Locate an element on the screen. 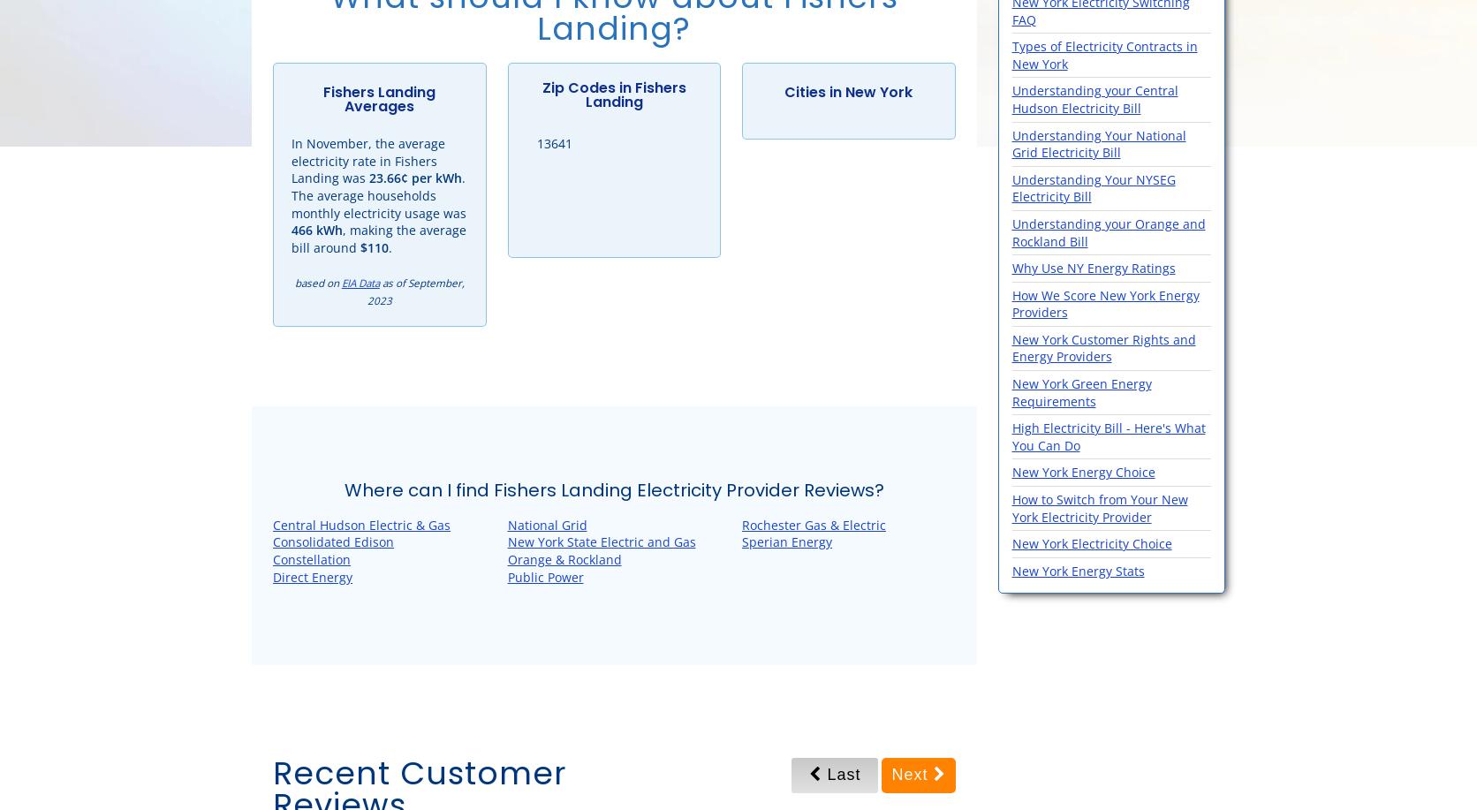 The height and width of the screenshot is (810, 1477). 'New York Energy Choice' is located at coordinates (1011, 472).